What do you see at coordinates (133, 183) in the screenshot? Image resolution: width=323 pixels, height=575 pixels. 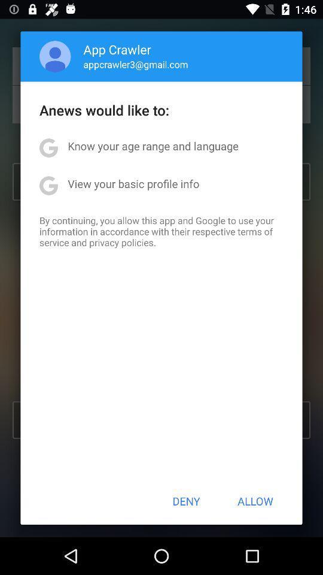 I see `the app below know your age item` at bounding box center [133, 183].